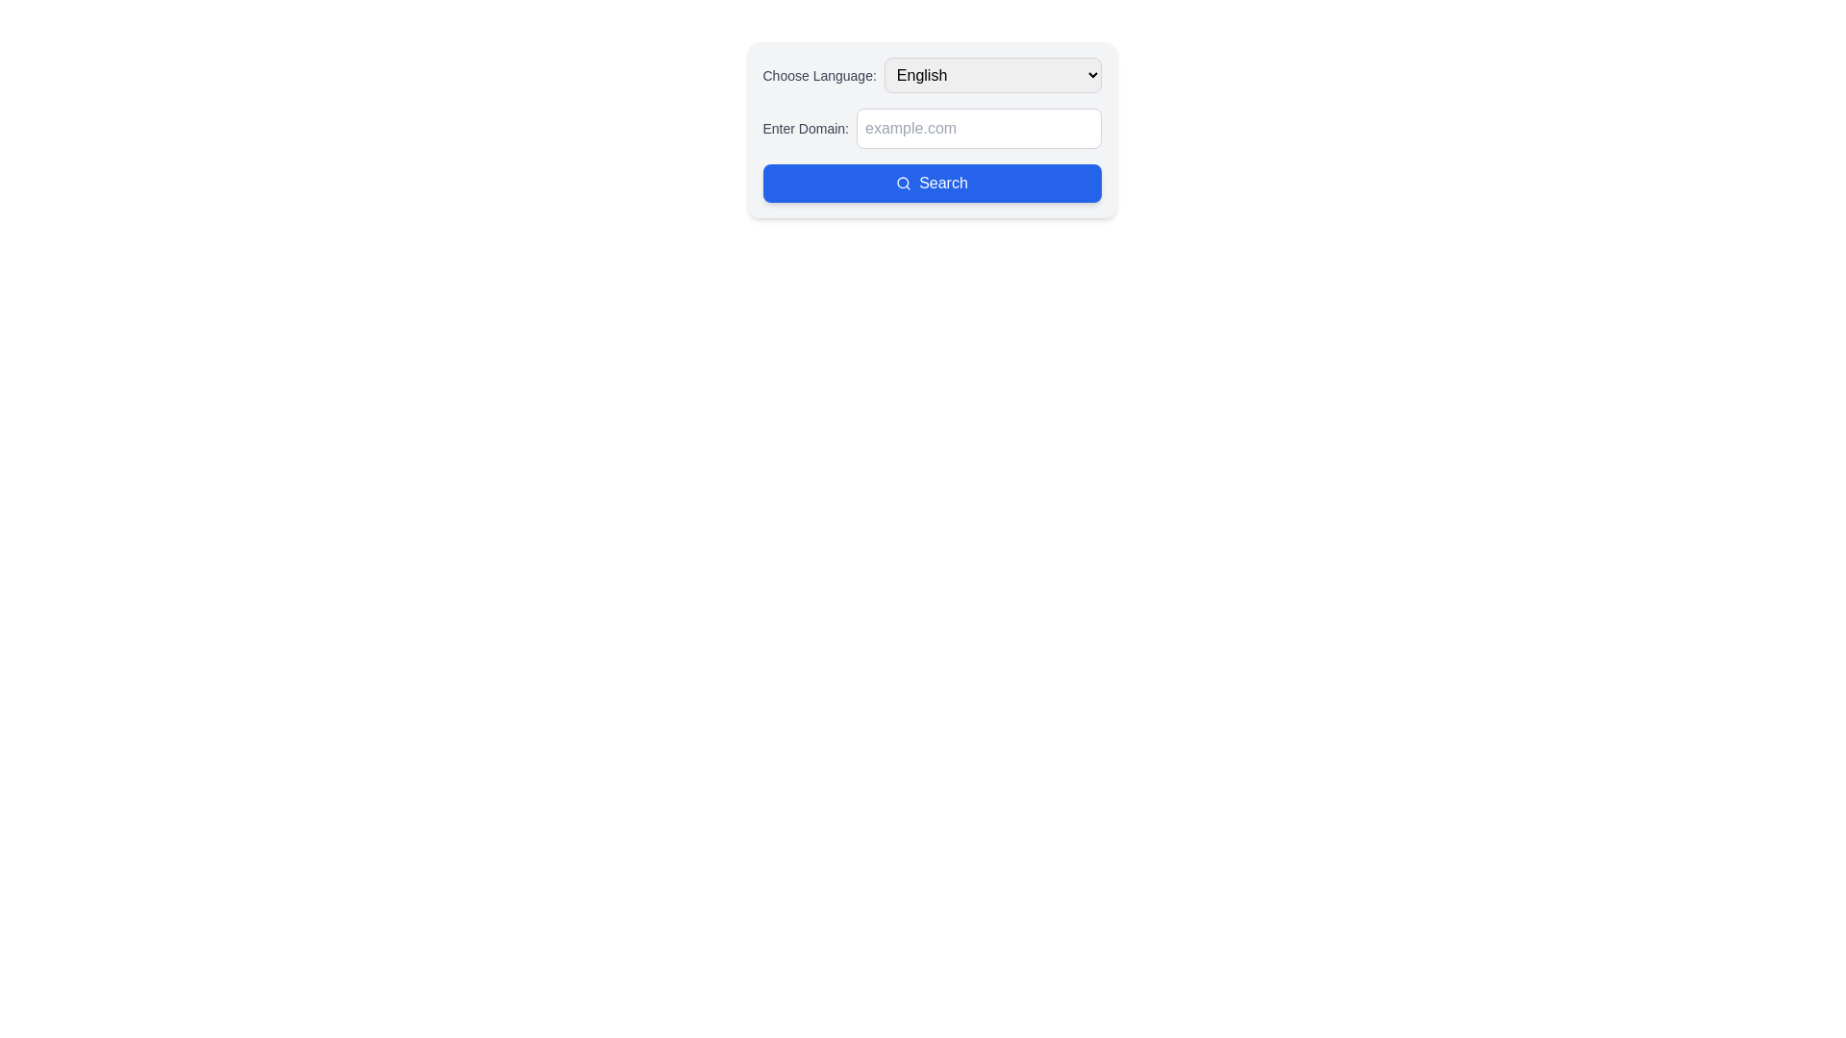  I want to click on the inner circle of the magnifying glass icon, which is part of the search functionality located within the 'Search' button at the bottom of the main interface, so click(902, 183).